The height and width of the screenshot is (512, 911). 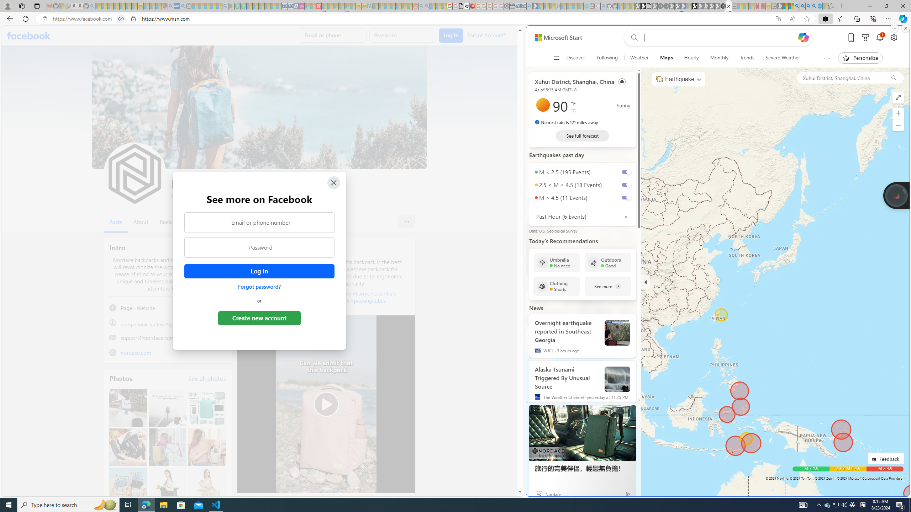 I want to click on 'Discover', so click(x=575, y=58).